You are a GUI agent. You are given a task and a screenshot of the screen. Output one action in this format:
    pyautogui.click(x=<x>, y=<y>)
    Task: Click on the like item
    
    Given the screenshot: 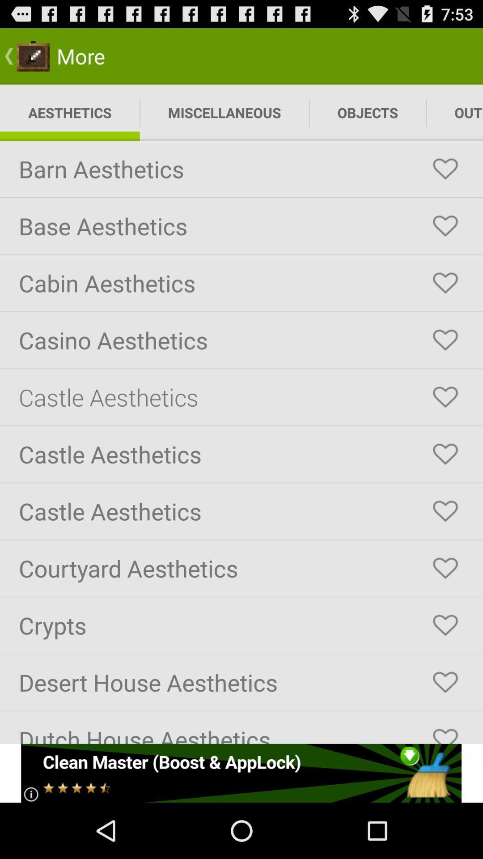 What is the action you would take?
    pyautogui.click(x=445, y=568)
    